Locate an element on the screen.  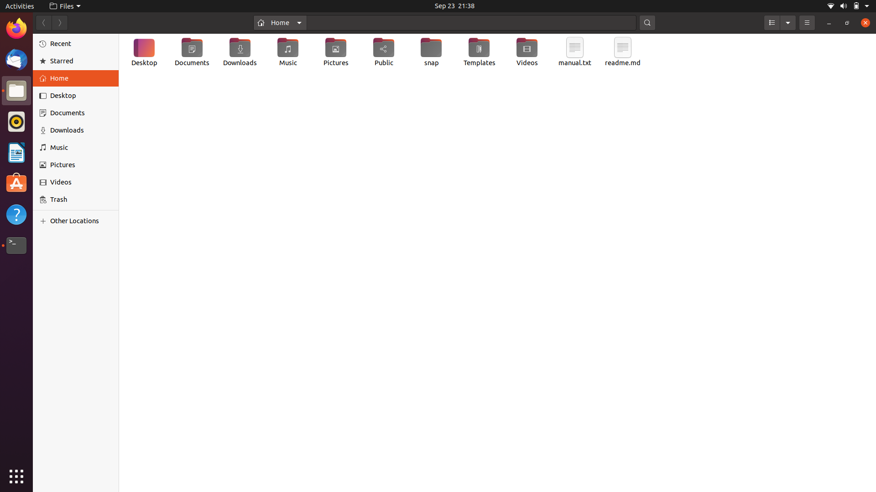
the "List View" mode is located at coordinates (771, 22).